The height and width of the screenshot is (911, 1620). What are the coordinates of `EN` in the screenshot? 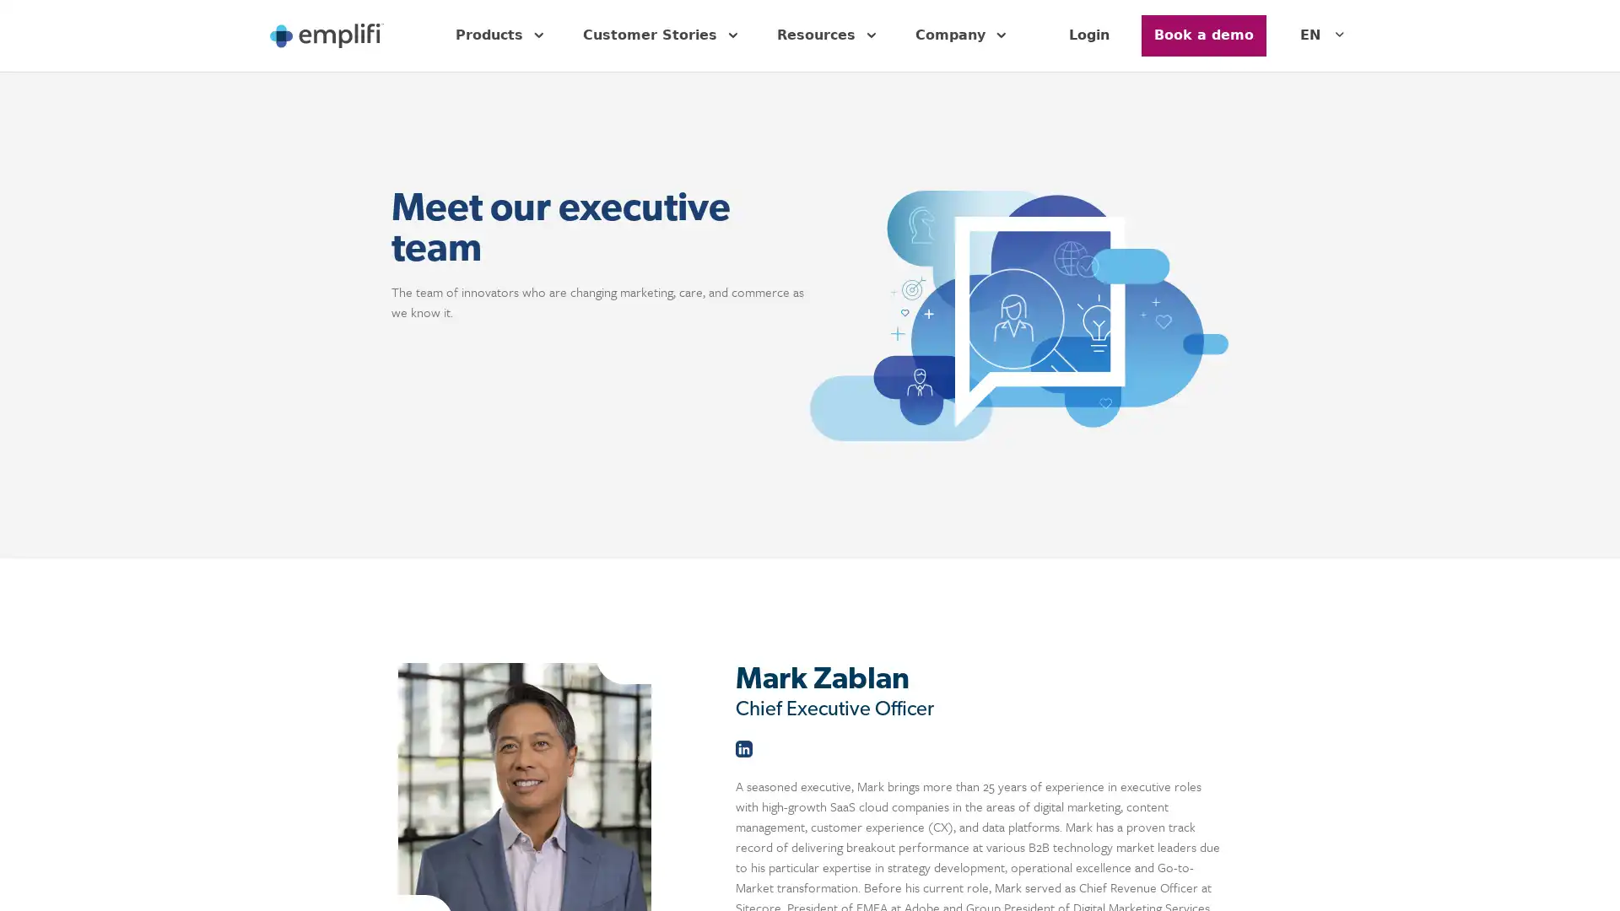 It's located at (1324, 35).